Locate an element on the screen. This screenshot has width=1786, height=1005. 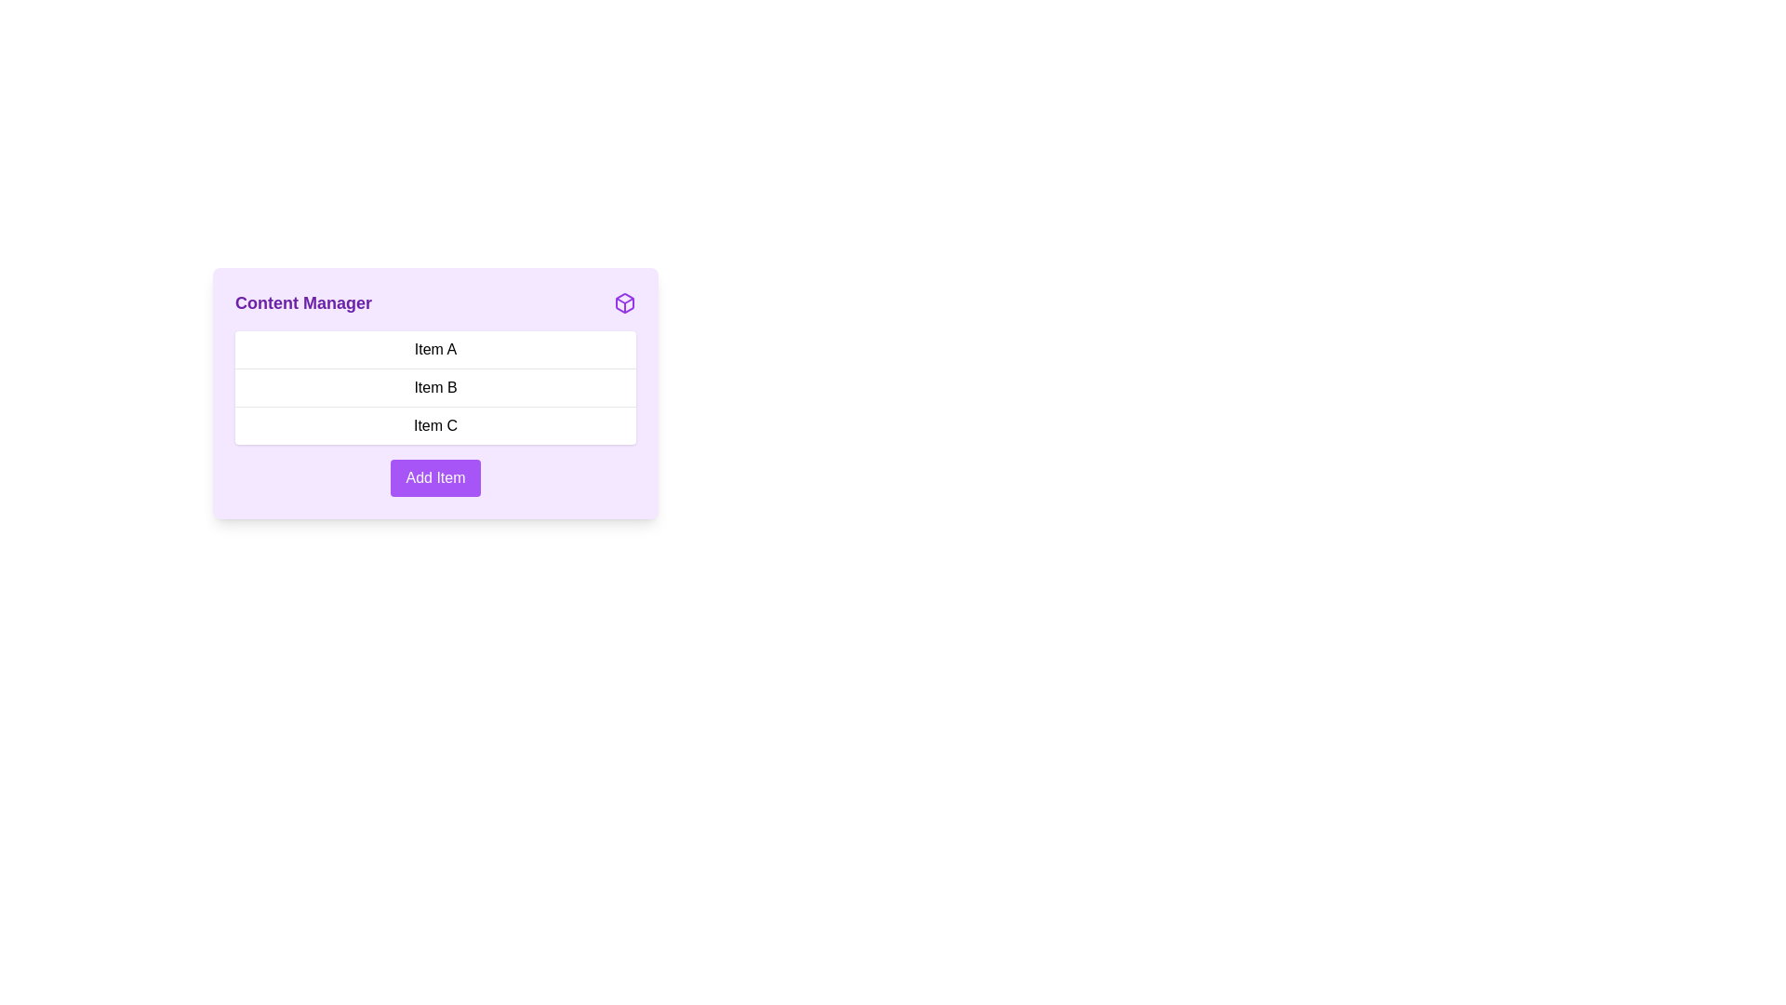
the first Text element in the stylized list item of the content manager interface, which is positioned above 'Item B' and 'Item C.' is located at coordinates (434, 349).